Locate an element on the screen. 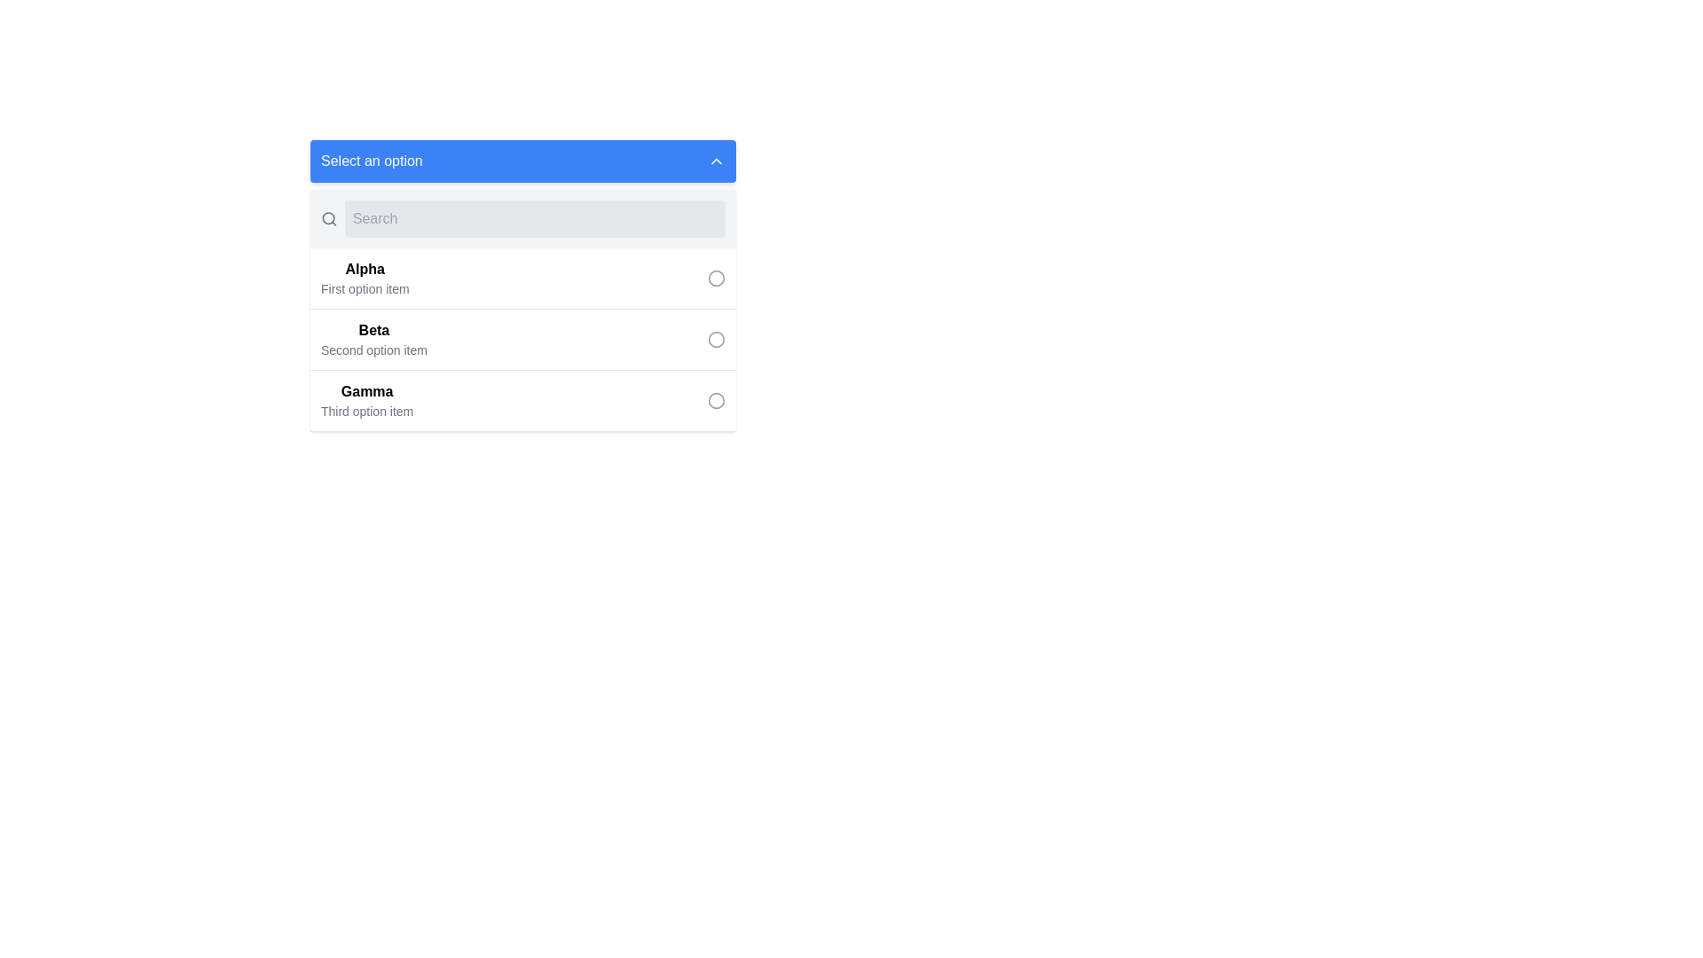 This screenshot has height=958, width=1703. the static text label that identifies the third option in a vertical list, positioned between the second option titled 'Beta' and the description text 'Third option item' is located at coordinates (366, 391).